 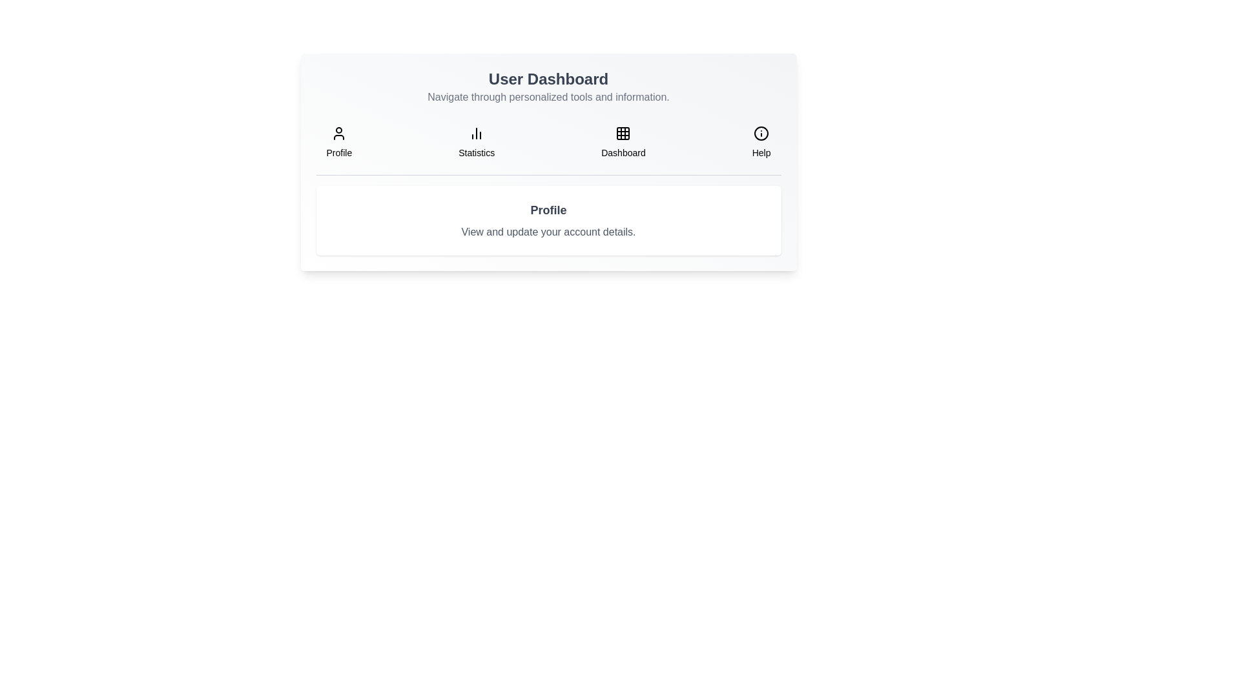 What do you see at coordinates (476, 142) in the screenshot?
I see `the tab labeled Statistics to view its content` at bounding box center [476, 142].